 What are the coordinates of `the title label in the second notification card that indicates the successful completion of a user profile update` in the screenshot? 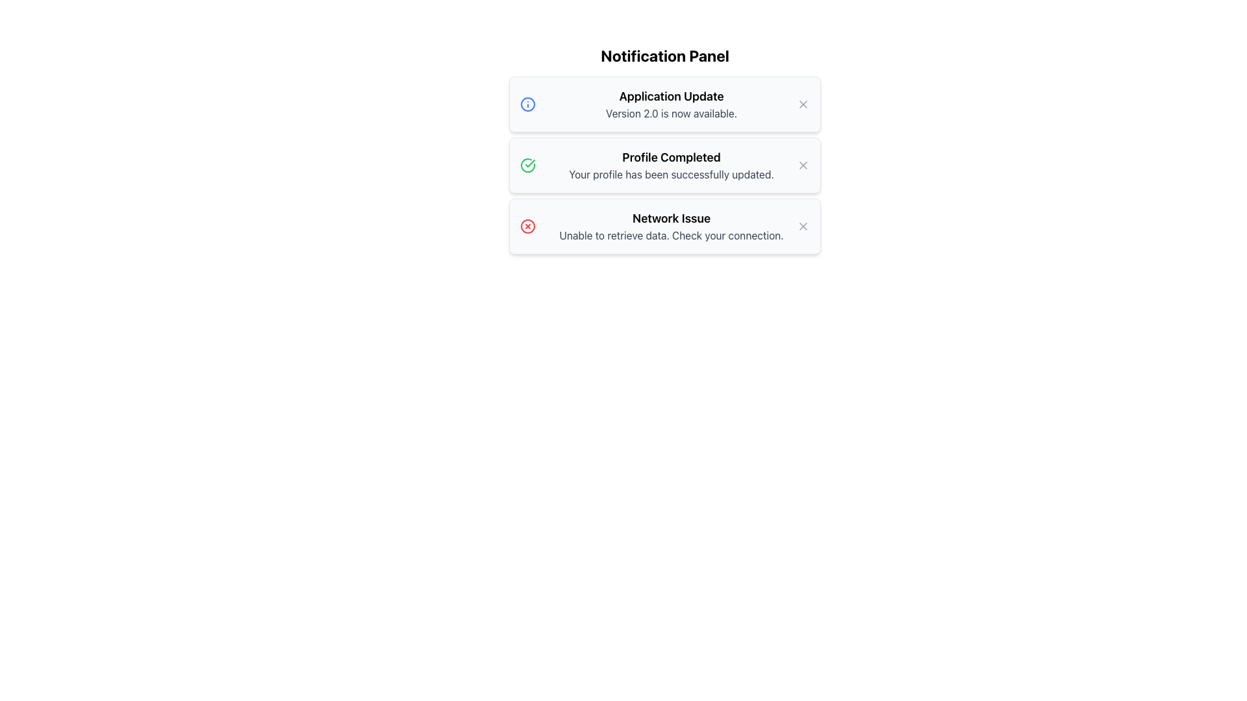 It's located at (671, 157).